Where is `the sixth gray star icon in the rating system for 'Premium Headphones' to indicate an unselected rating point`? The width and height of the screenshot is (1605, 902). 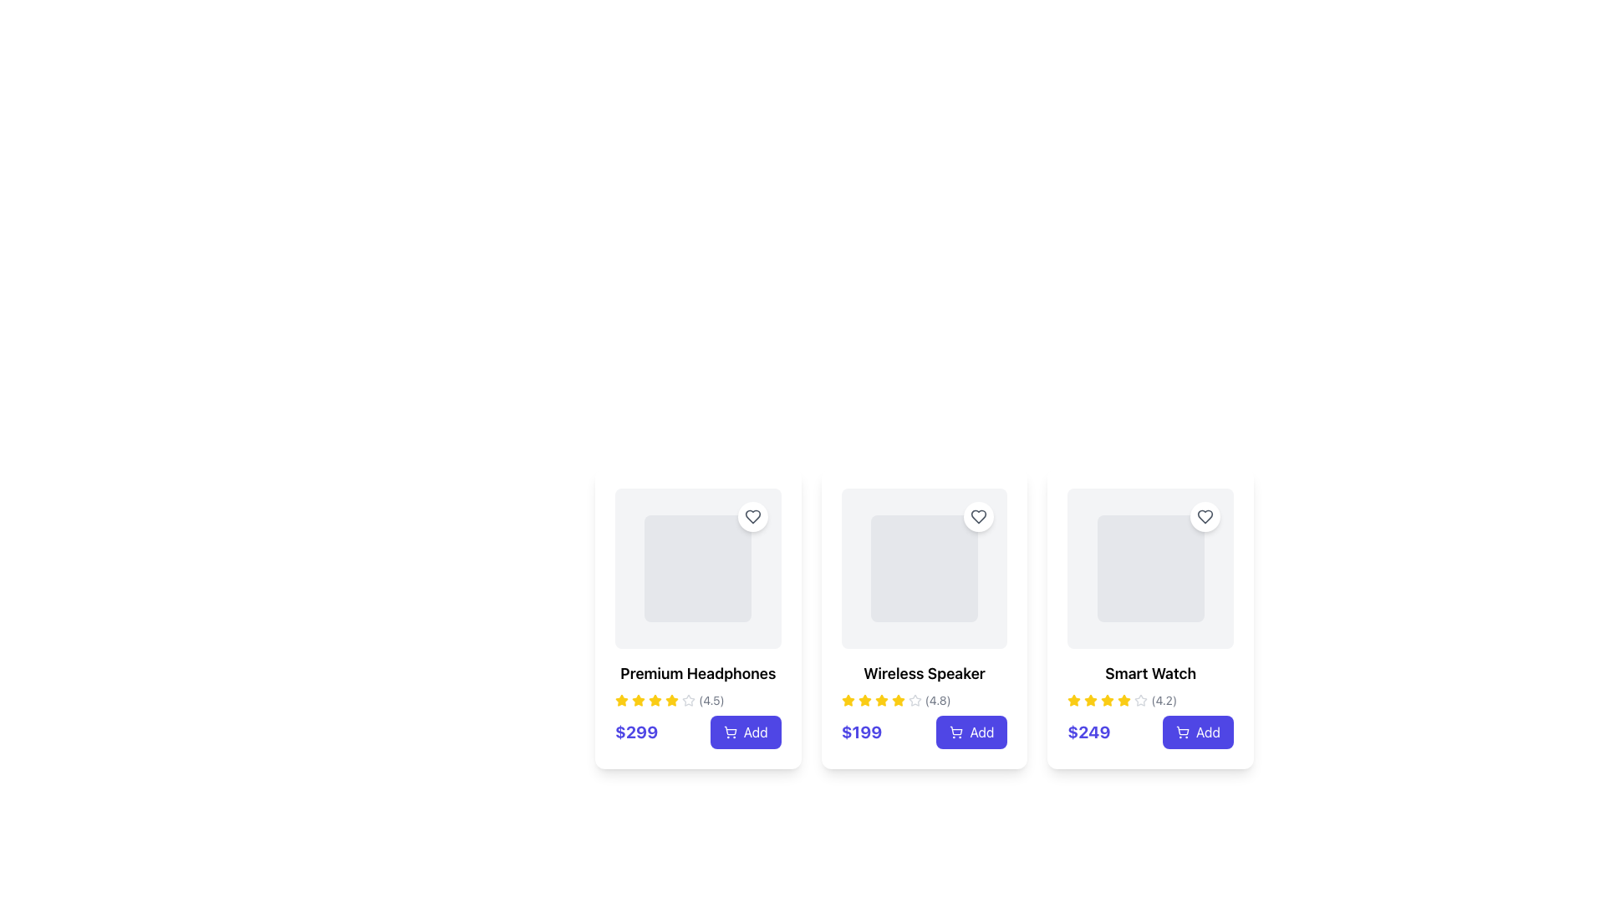 the sixth gray star icon in the rating system for 'Premium Headphones' to indicate an unselected rating point is located at coordinates (689, 701).